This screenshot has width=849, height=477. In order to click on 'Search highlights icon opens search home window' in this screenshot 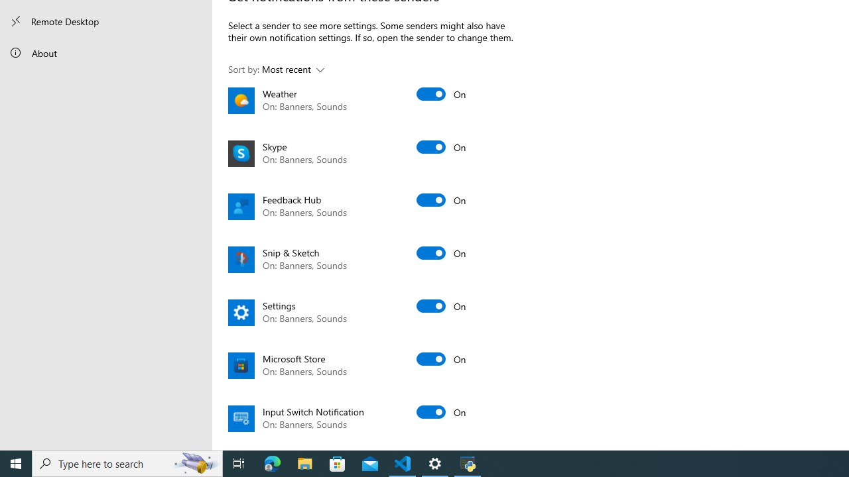, I will do `click(195, 462)`.